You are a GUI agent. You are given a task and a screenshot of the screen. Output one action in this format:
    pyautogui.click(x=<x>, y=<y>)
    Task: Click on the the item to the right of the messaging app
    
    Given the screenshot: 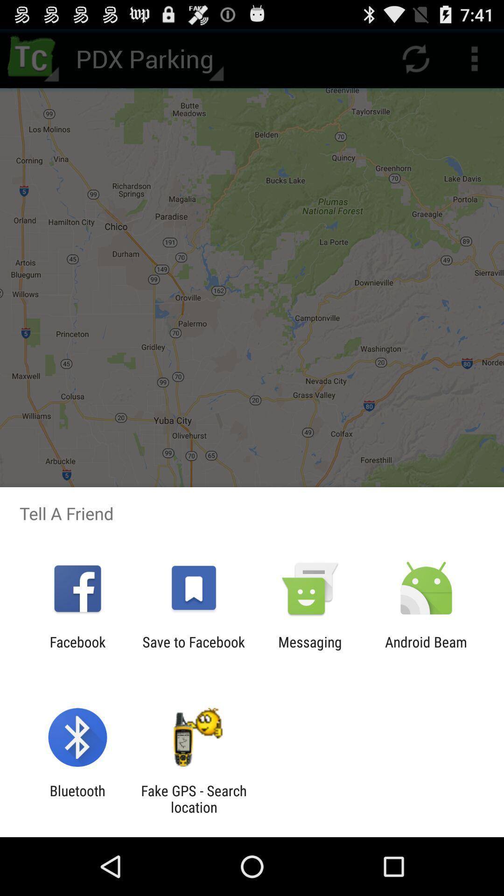 What is the action you would take?
    pyautogui.click(x=426, y=650)
    